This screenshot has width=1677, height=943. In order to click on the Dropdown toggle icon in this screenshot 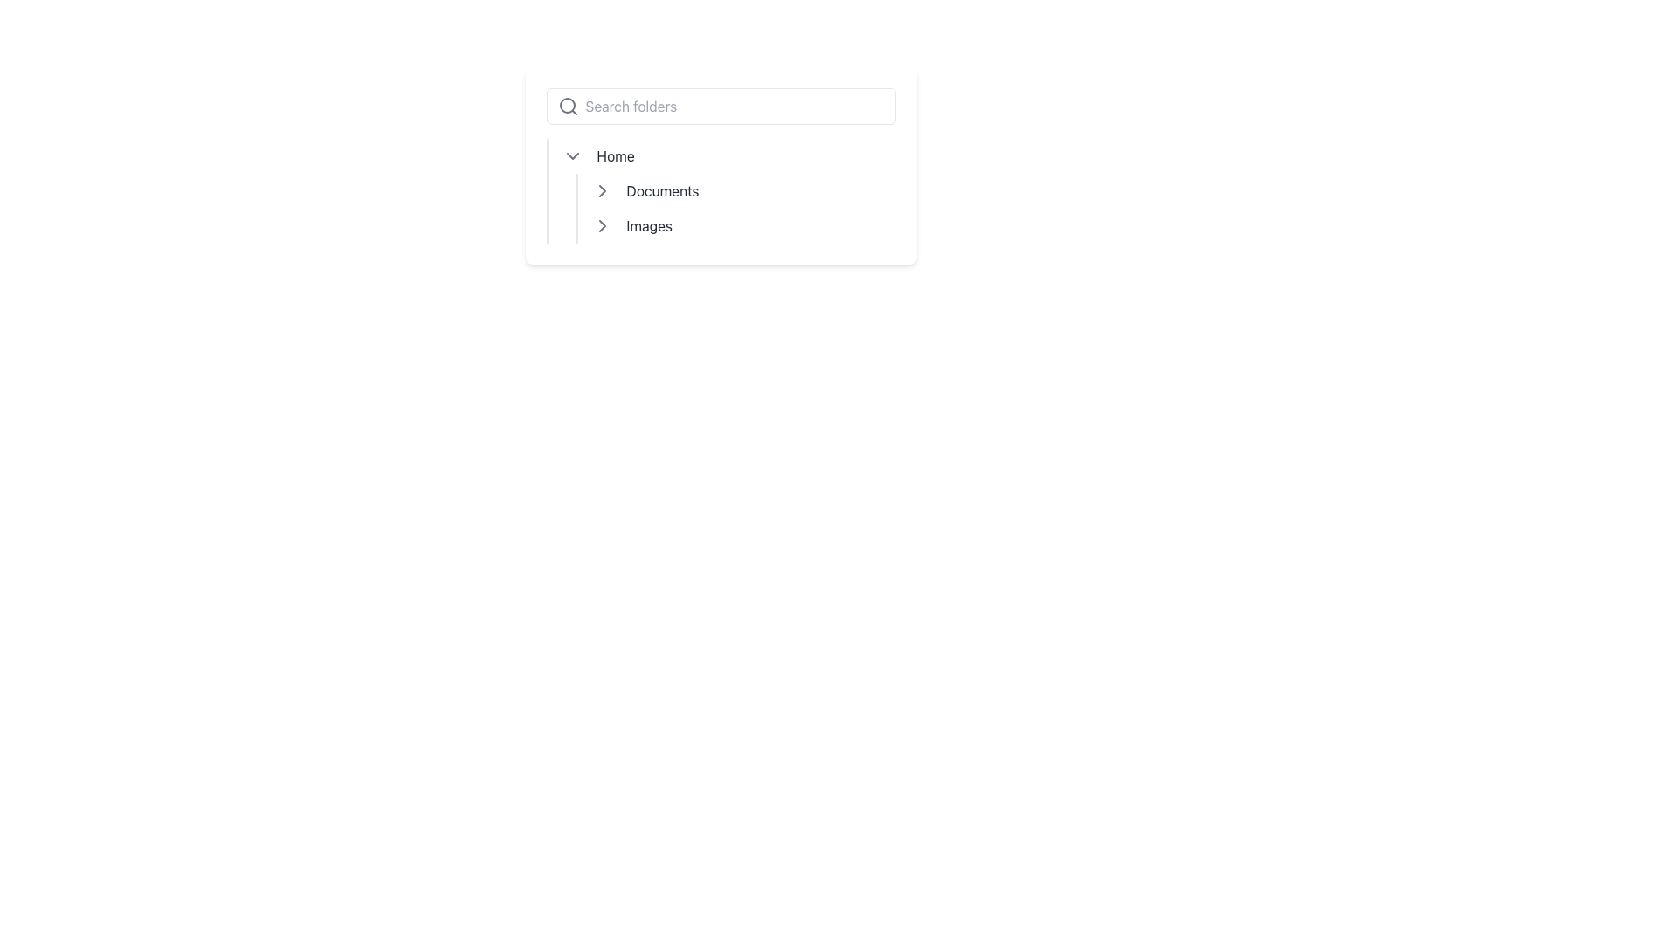, I will do `click(572, 155)`.